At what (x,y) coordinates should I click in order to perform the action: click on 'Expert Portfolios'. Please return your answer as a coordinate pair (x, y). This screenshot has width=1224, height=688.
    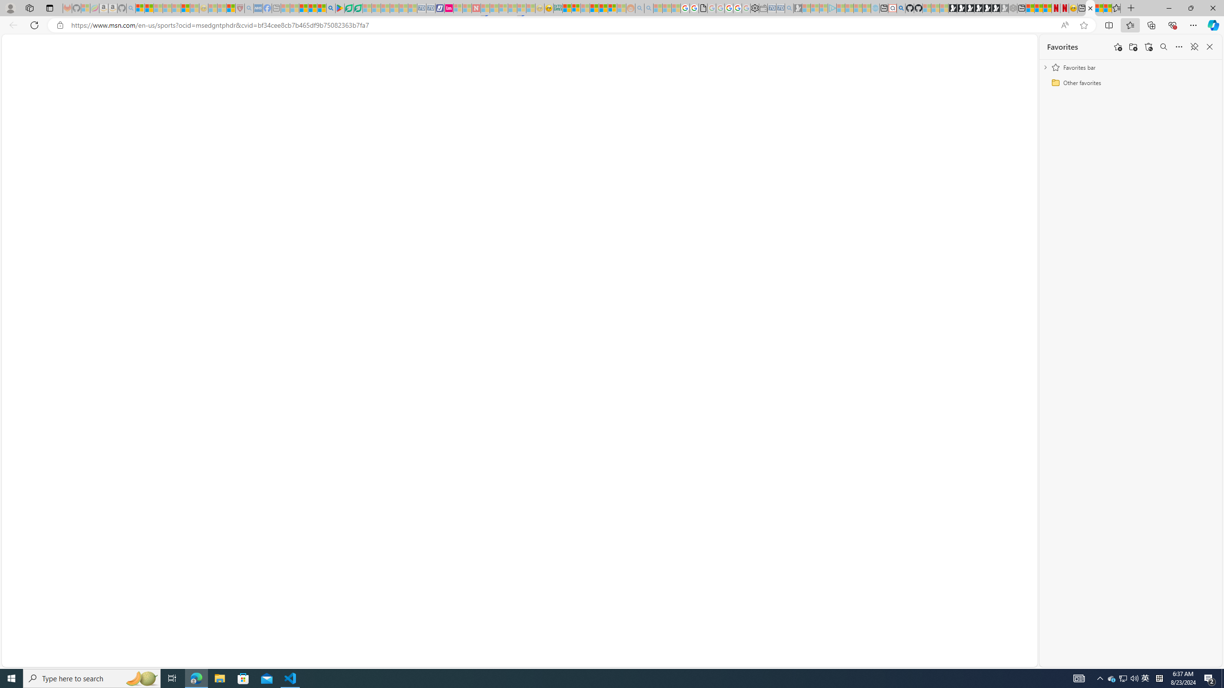
    Looking at the image, I should click on (594, 8).